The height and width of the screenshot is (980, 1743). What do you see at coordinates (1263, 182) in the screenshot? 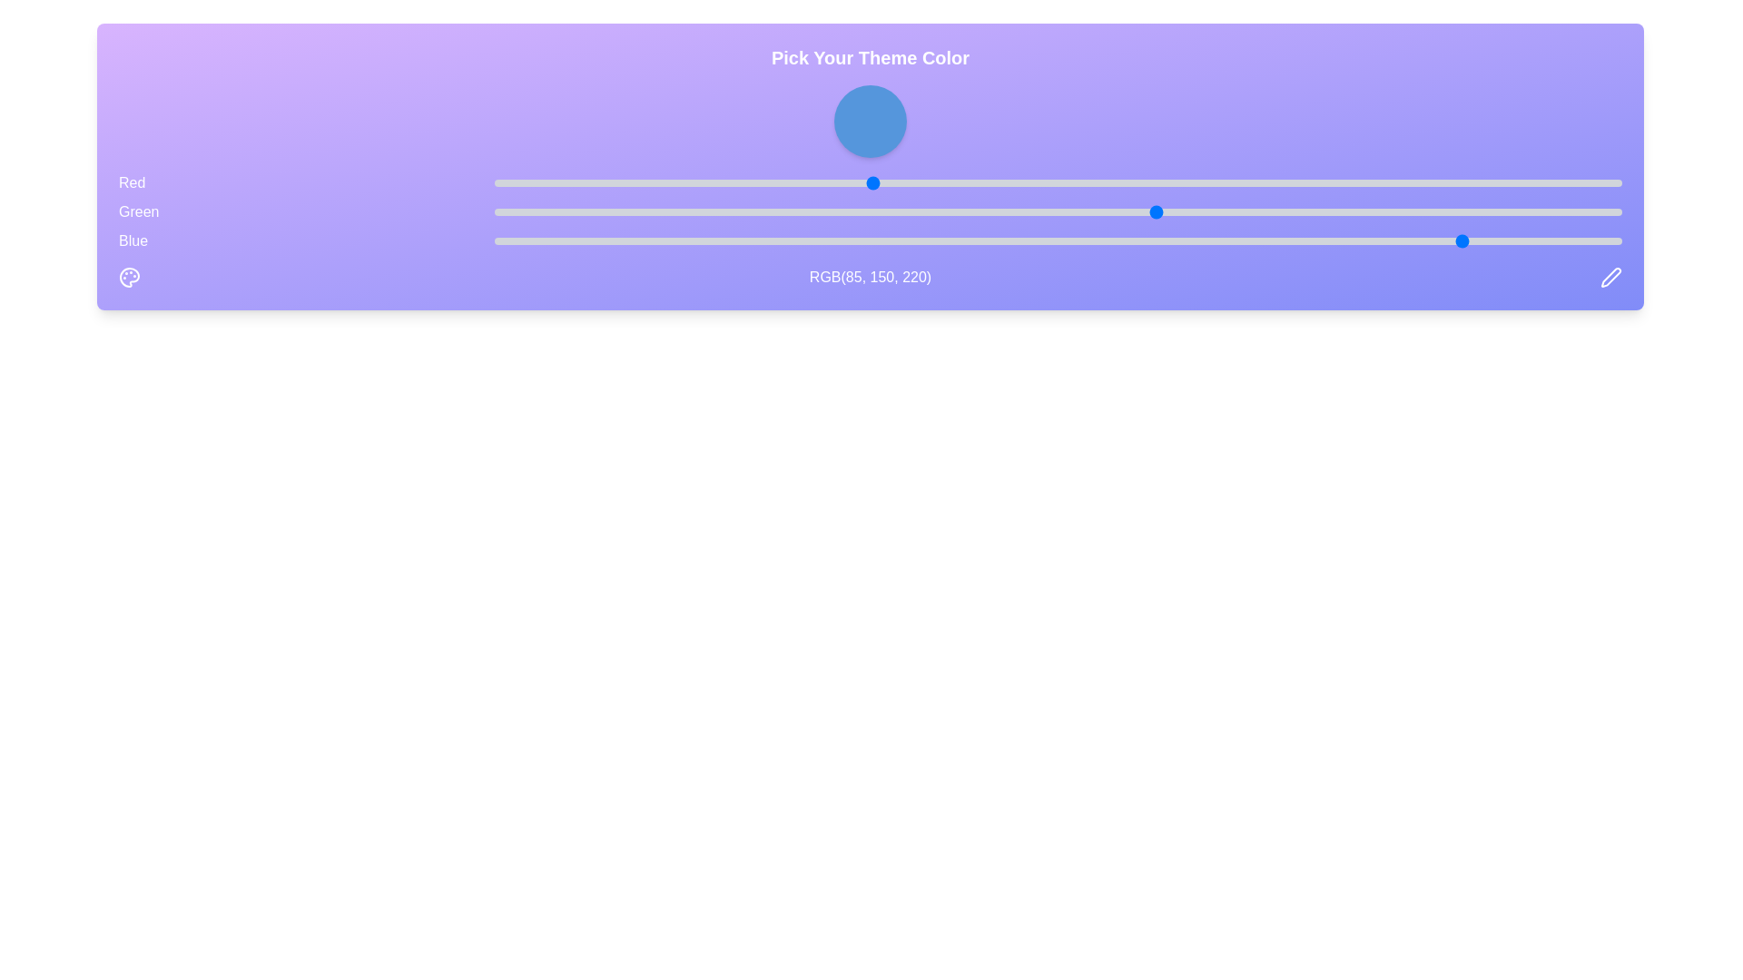
I see `the 'red' color intensity` at bounding box center [1263, 182].